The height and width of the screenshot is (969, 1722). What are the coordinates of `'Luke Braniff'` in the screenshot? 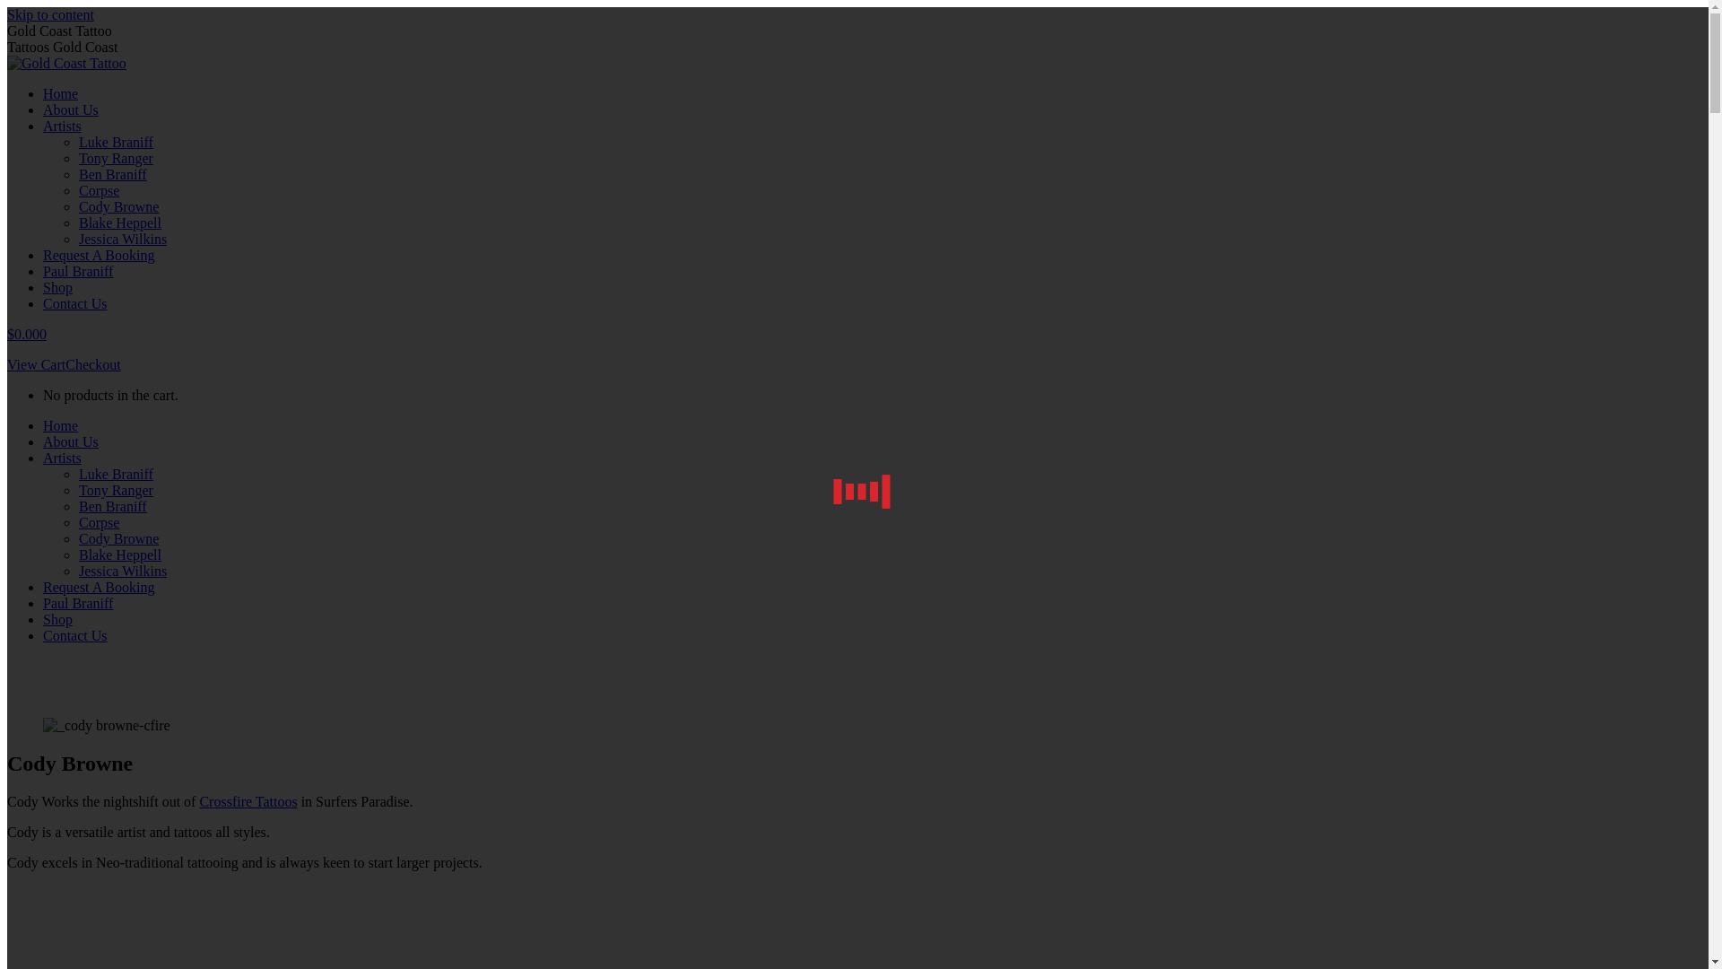 It's located at (115, 141).